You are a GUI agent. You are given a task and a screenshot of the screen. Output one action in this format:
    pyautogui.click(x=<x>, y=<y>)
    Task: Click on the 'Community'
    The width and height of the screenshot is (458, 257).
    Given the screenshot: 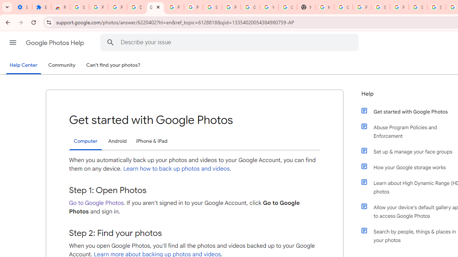 What is the action you would take?
    pyautogui.click(x=62, y=65)
    